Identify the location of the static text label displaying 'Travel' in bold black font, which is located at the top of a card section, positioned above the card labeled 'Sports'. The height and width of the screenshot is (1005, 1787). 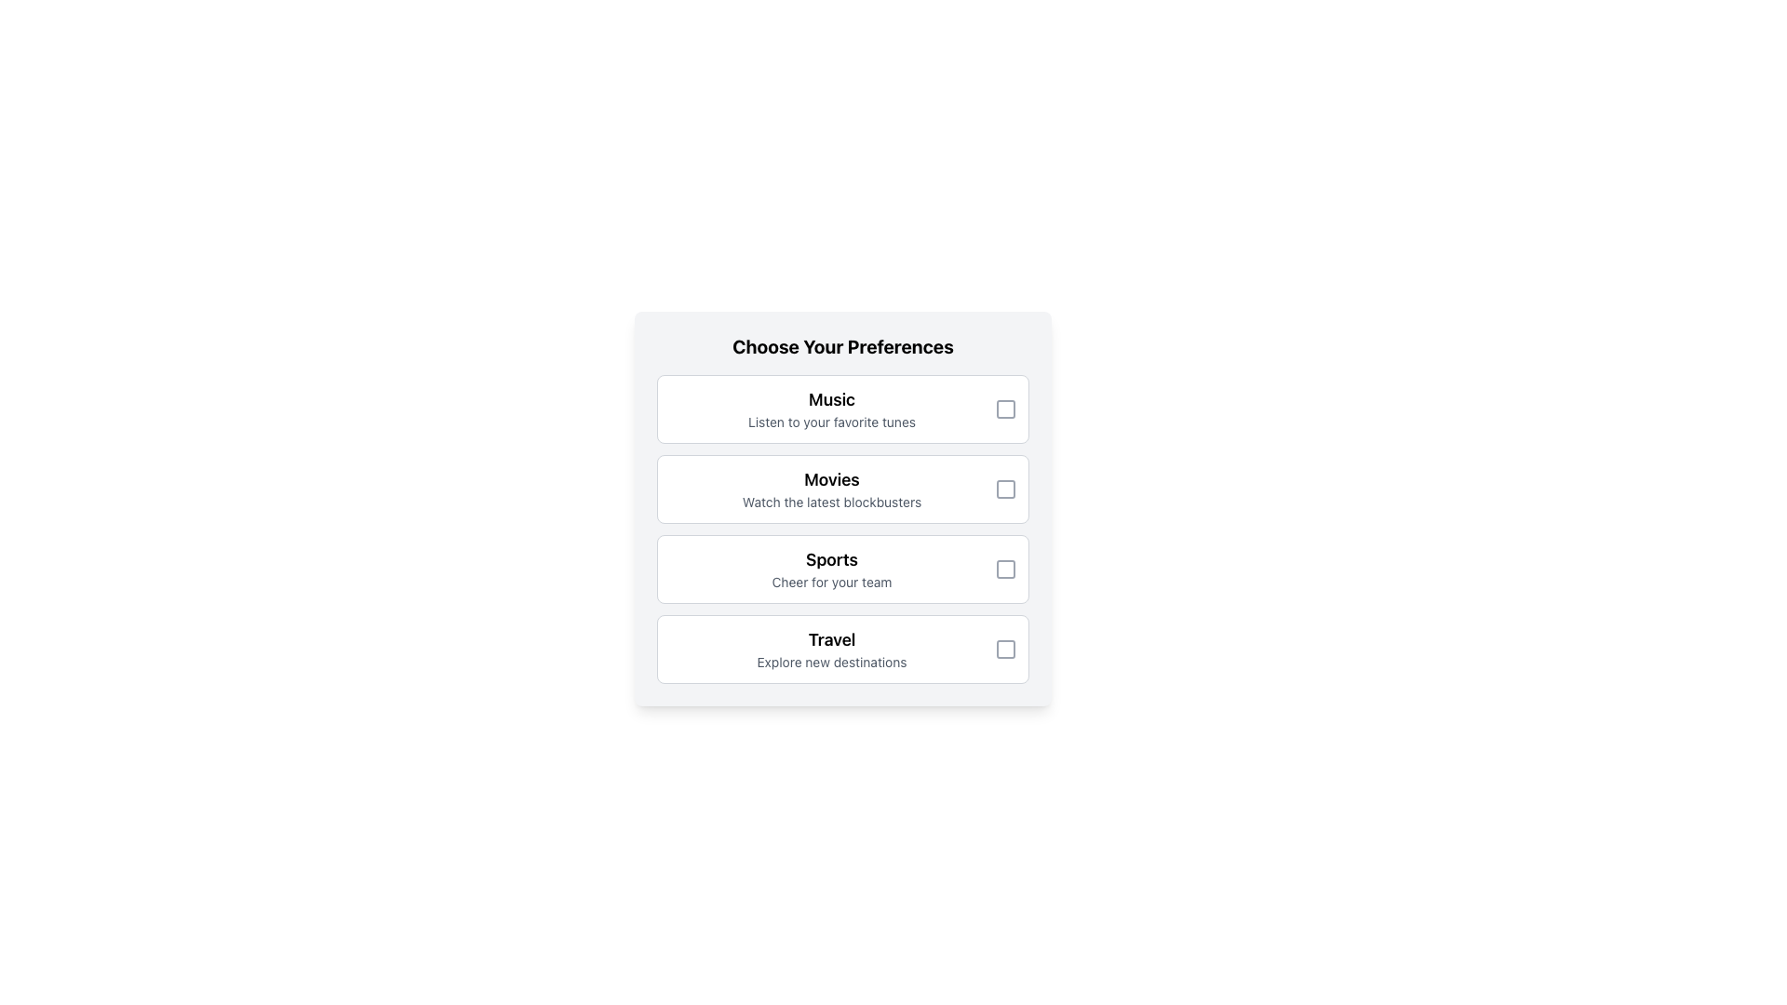
(830, 638).